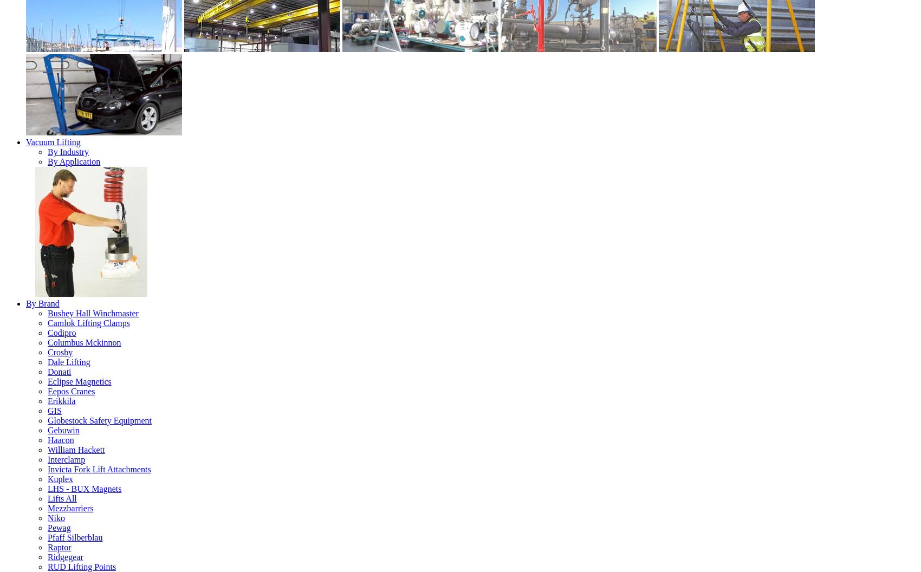 Image resolution: width=921 pixels, height=572 pixels. I want to click on 'Eepos Cranes', so click(70, 391).